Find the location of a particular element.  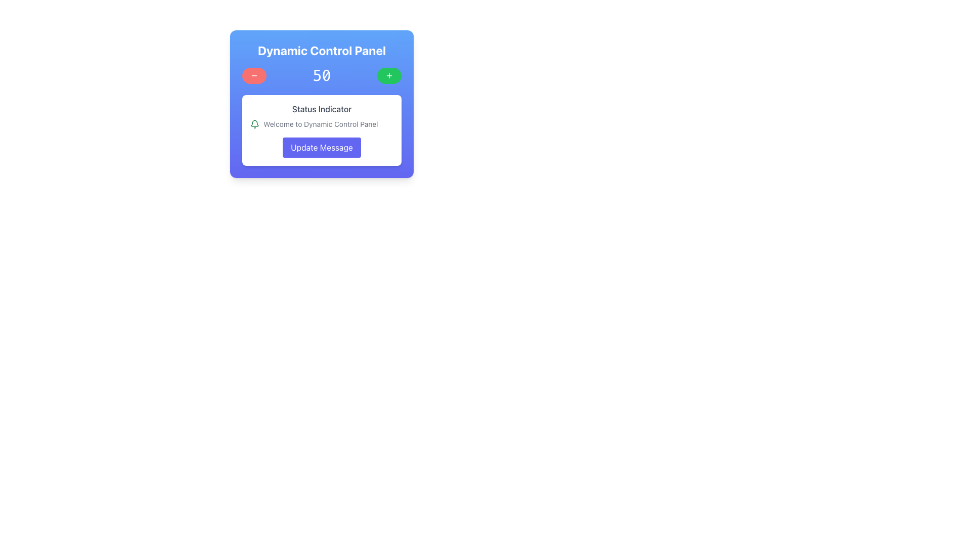

the decrement button located on the left side of the number '50' in the 'Dynamic Control Panel' to observe any interactive styling changes is located at coordinates (254, 75).